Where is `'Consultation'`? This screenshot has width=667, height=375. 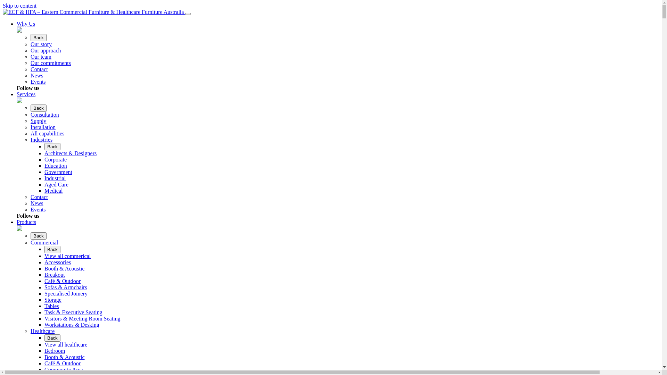
'Consultation' is located at coordinates (30, 114).